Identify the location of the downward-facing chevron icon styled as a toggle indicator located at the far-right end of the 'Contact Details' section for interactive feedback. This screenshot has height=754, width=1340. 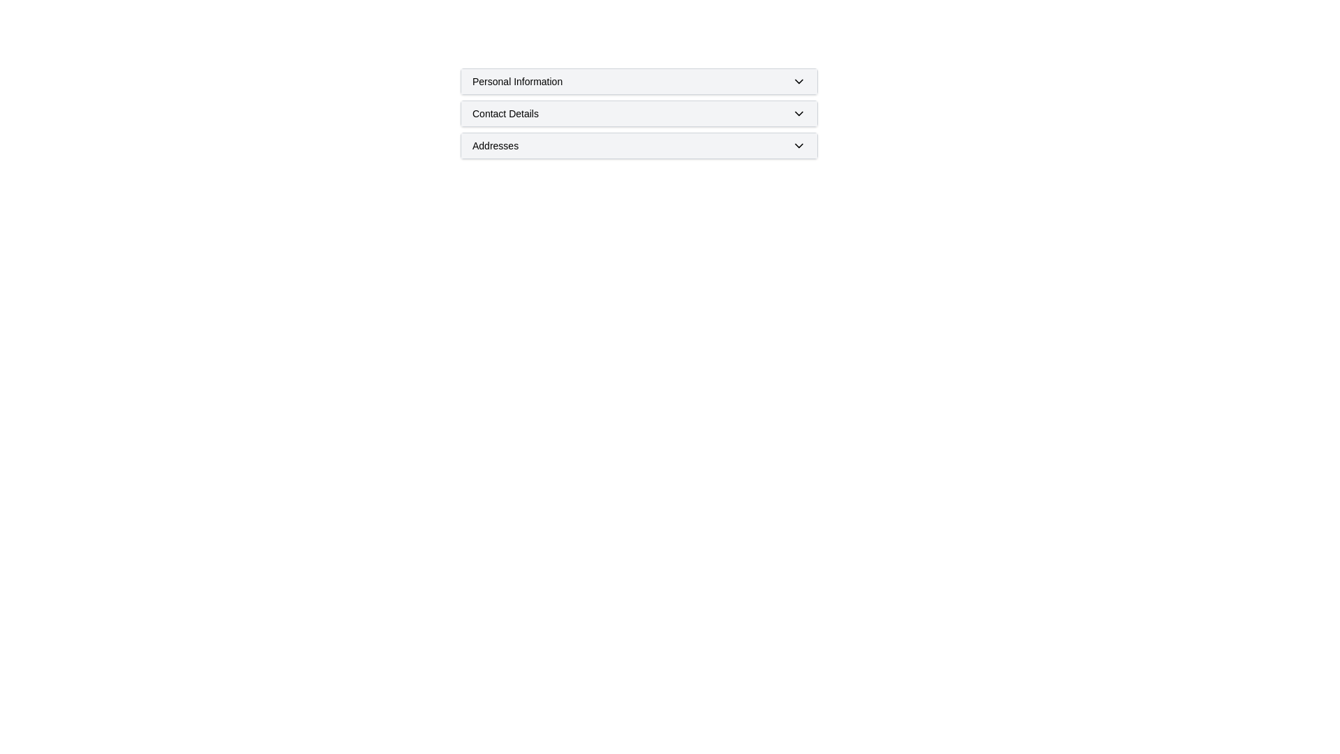
(799, 112).